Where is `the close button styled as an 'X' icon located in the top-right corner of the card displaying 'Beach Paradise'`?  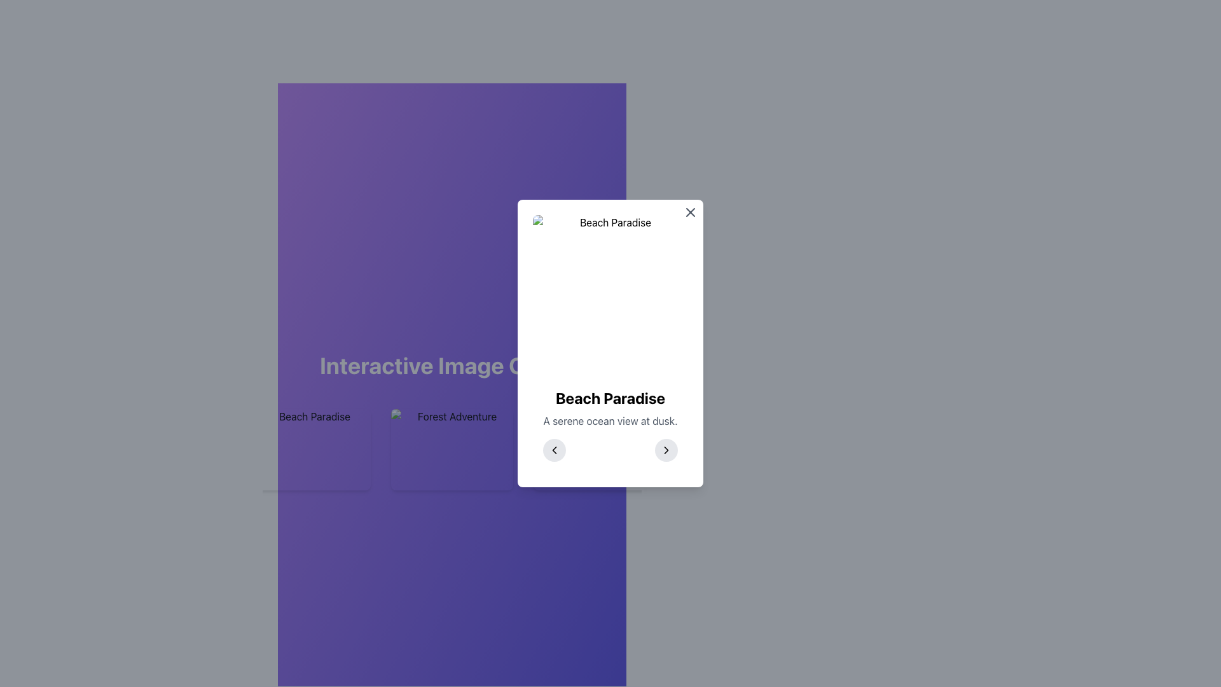 the close button styled as an 'X' icon located in the top-right corner of the card displaying 'Beach Paradise' is located at coordinates (689, 212).